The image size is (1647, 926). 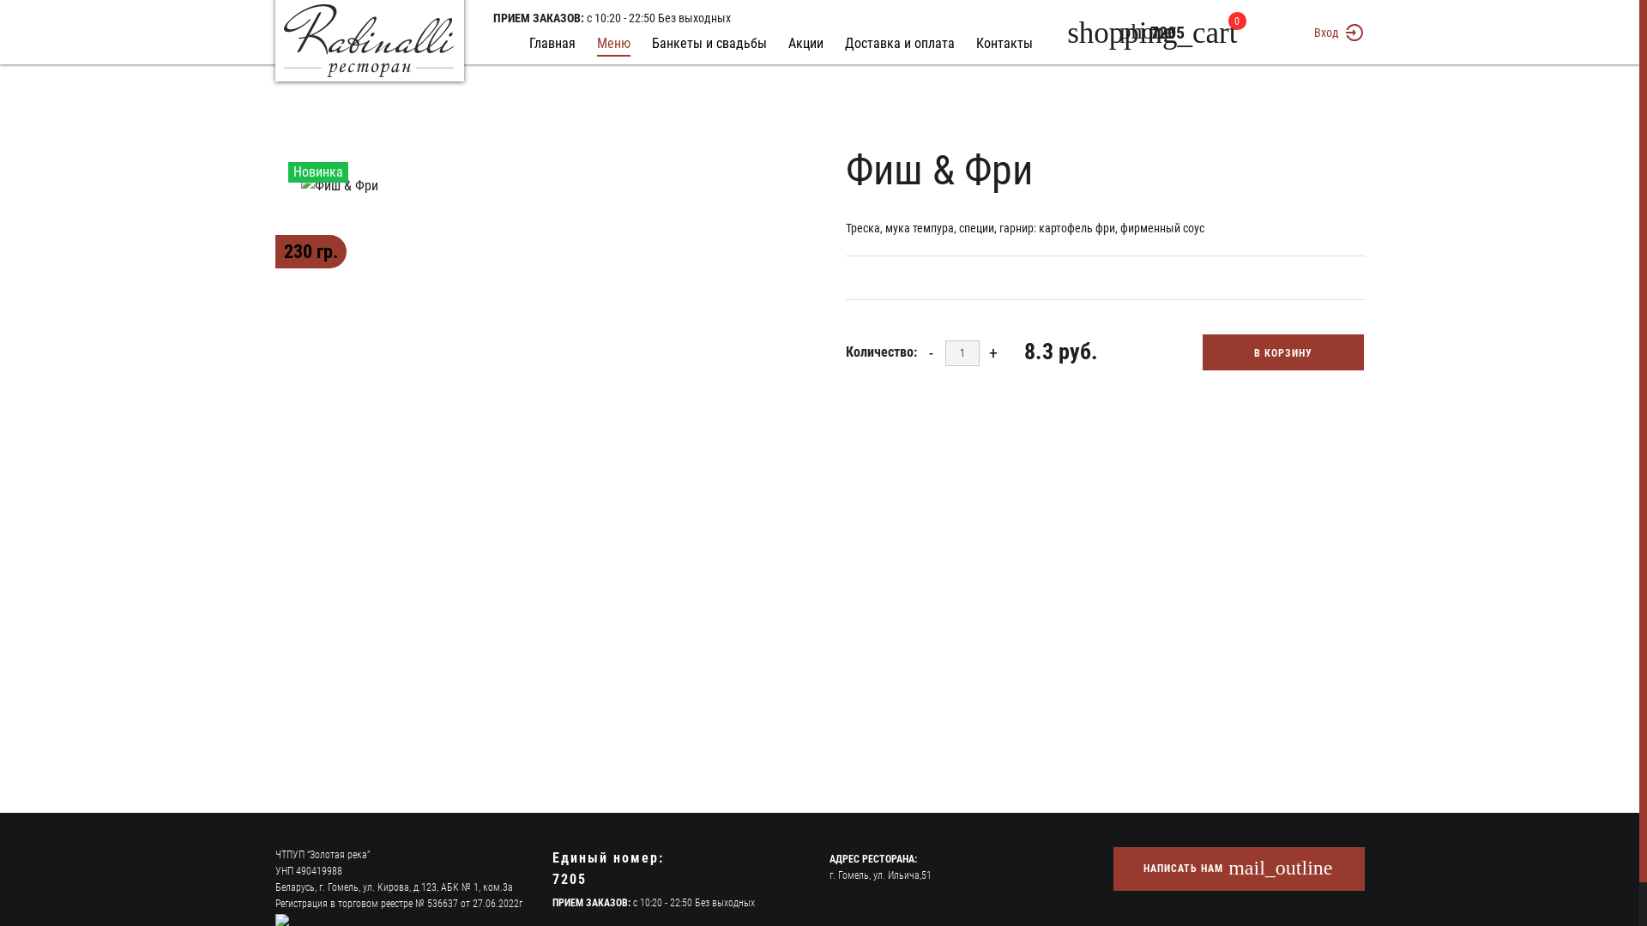 I want to click on '-', so click(x=929, y=352).